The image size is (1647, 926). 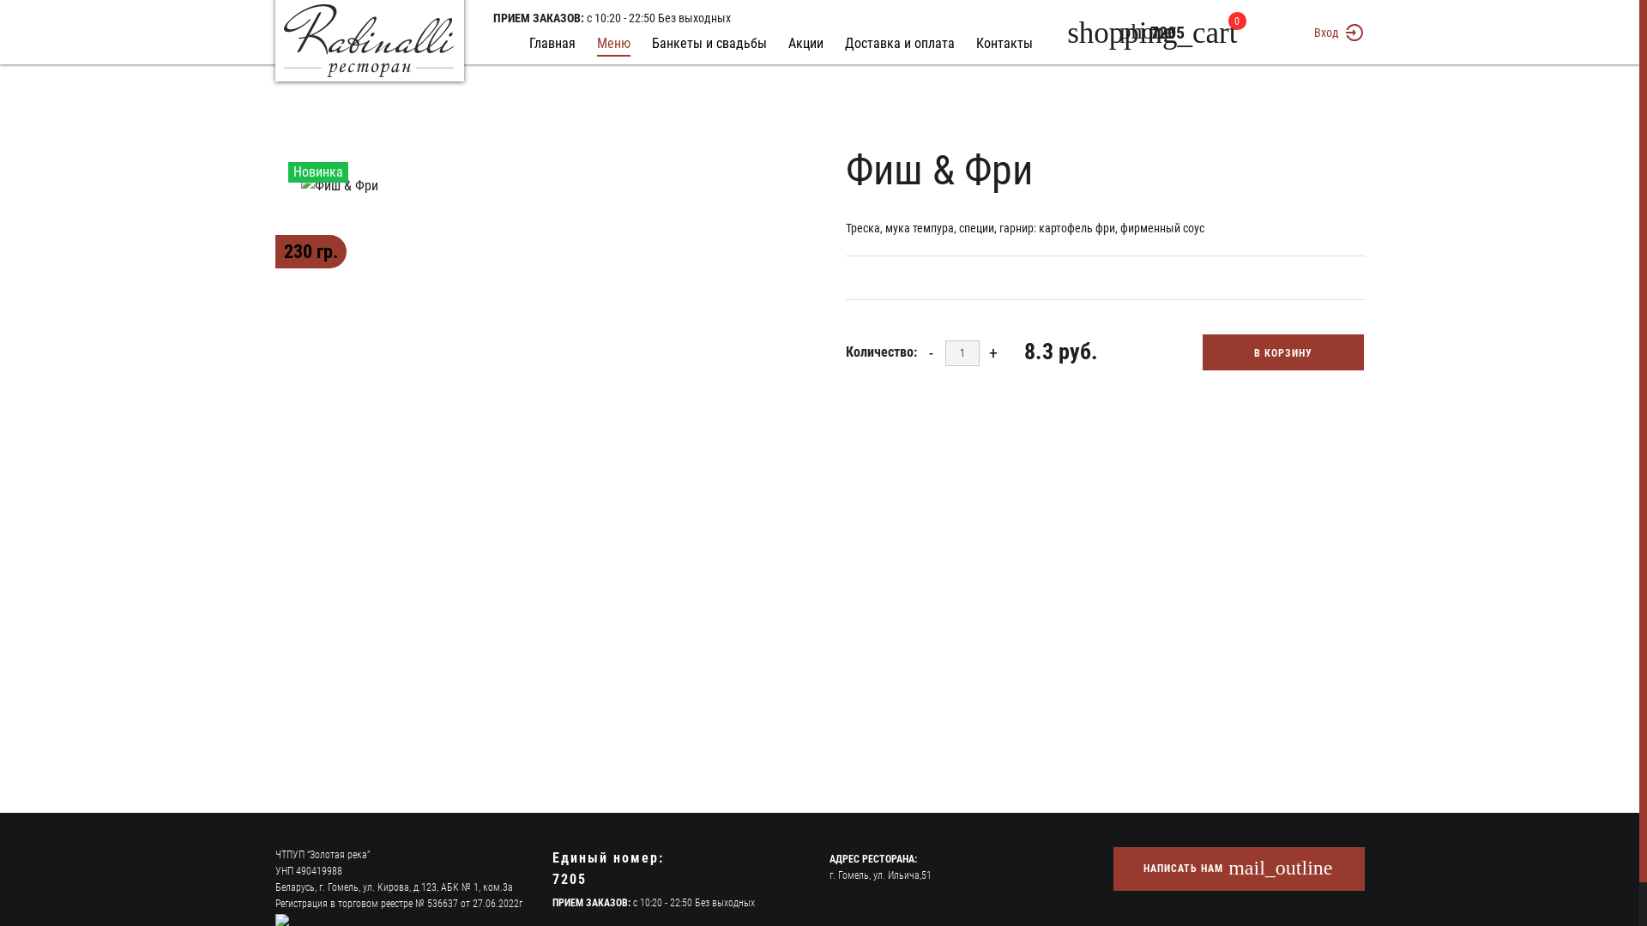 I want to click on '-', so click(x=929, y=352).